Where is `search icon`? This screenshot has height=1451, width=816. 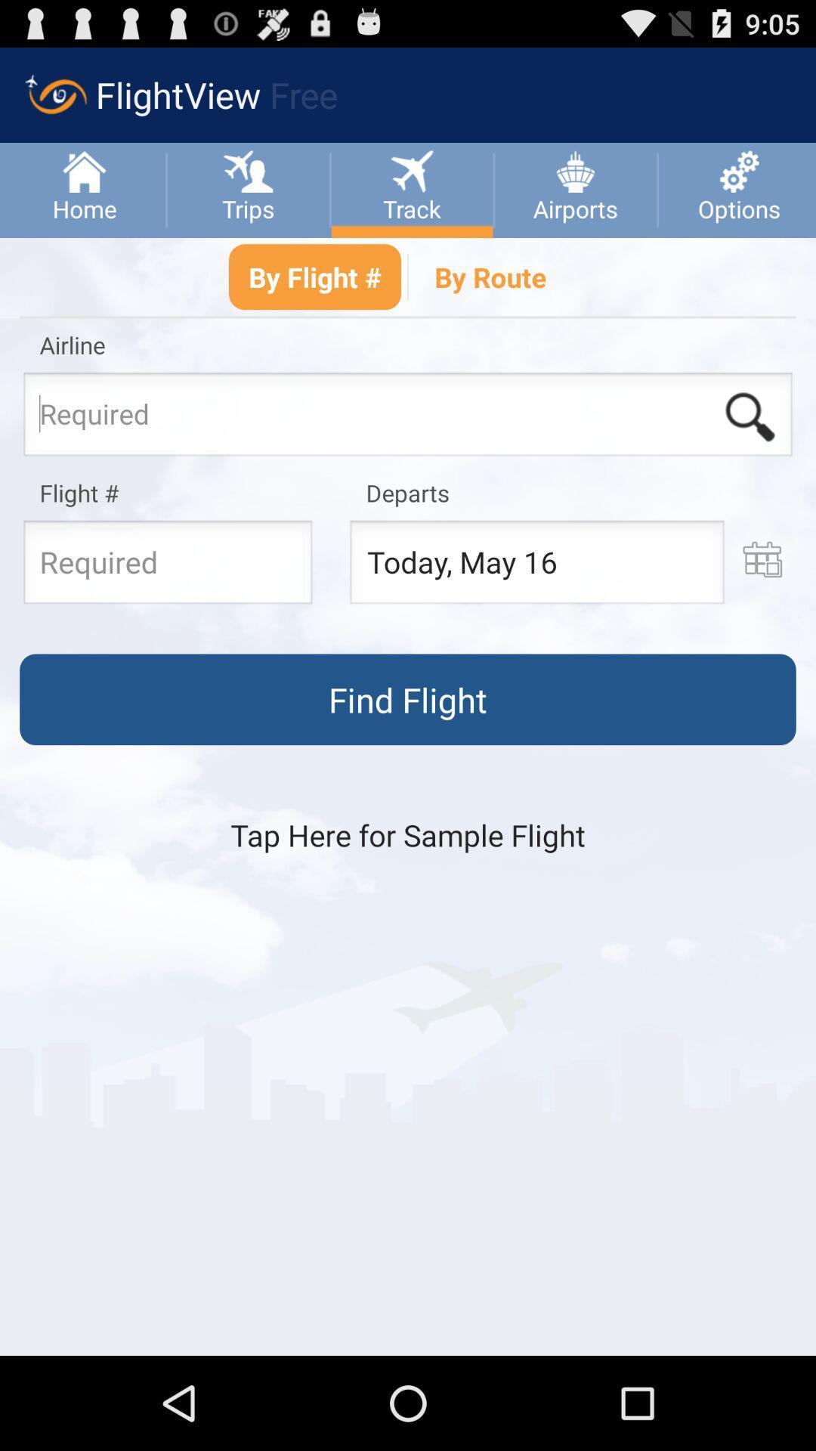 search icon is located at coordinates (750, 417).